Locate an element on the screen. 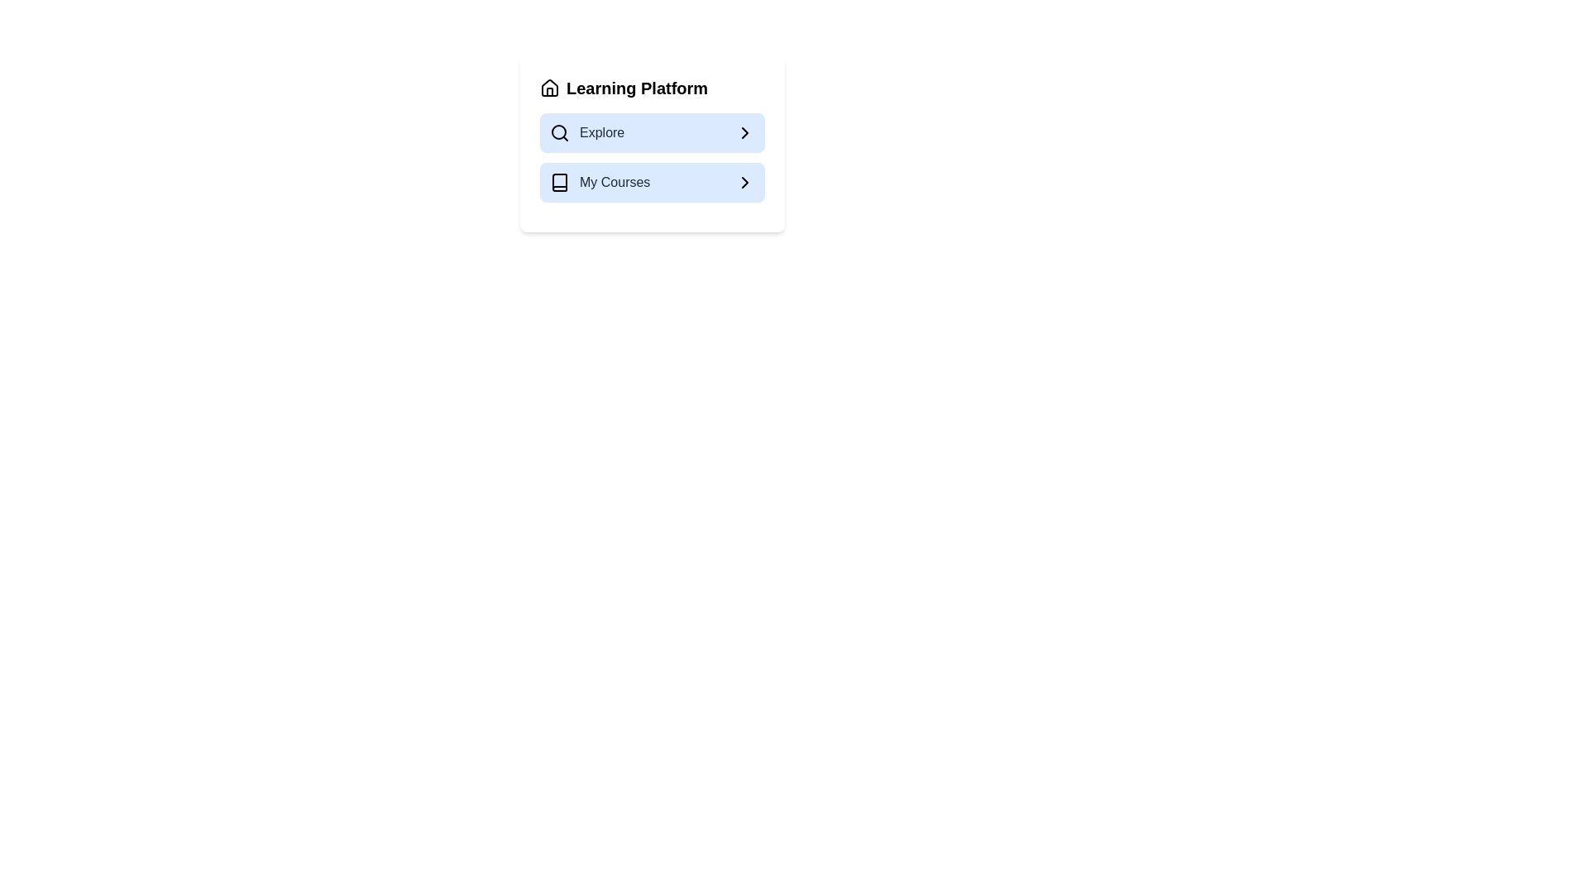 The width and height of the screenshot is (1588, 893). the central part of the book icon located within the 'My Courses' button in the menu area, which is the second option in the list is located at coordinates (559, 182).